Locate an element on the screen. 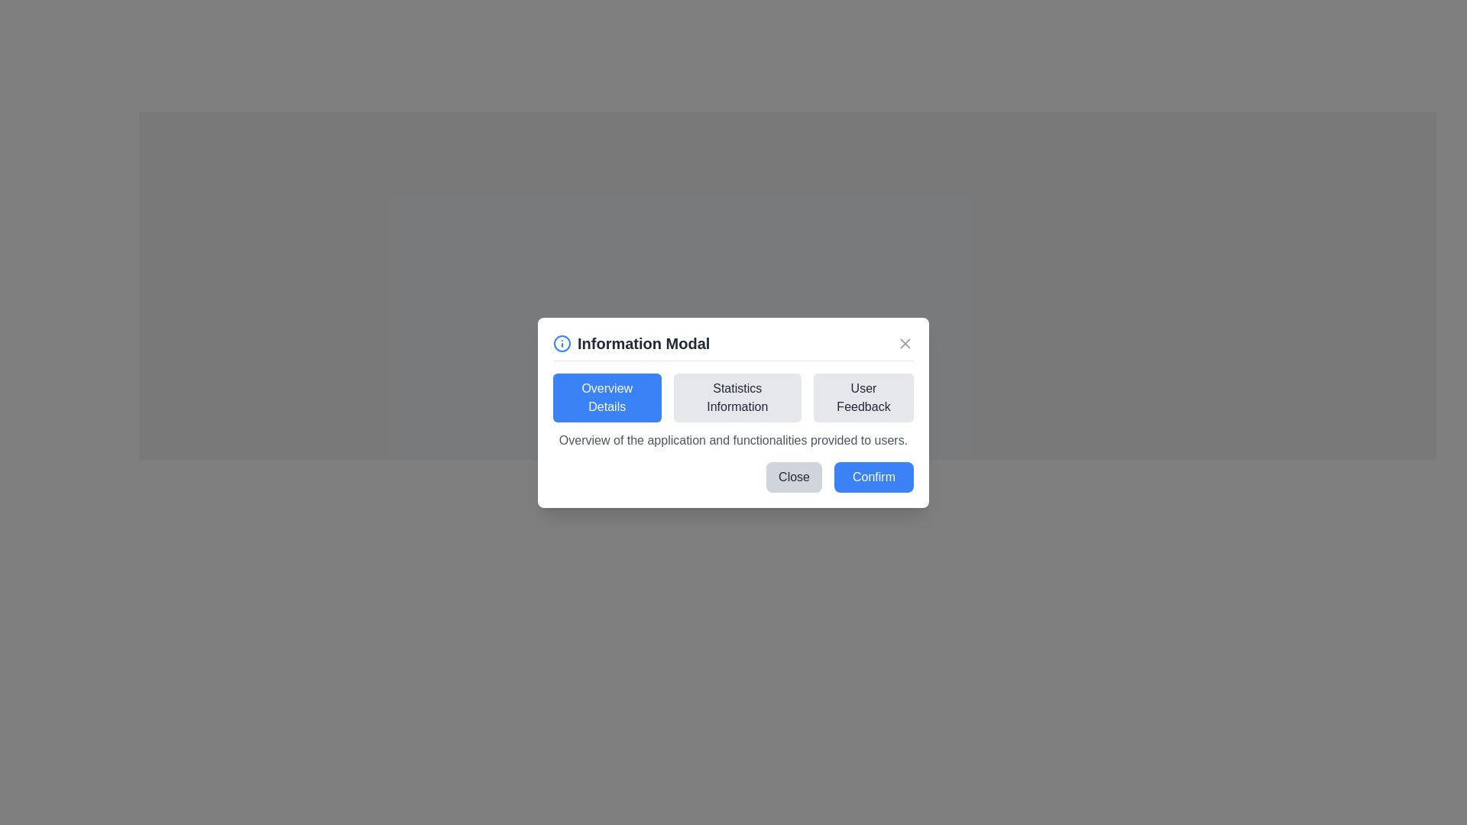  the gray 'X' button located in the top-right corner of the 'Information Modal' is located at coordinates (905, 342).